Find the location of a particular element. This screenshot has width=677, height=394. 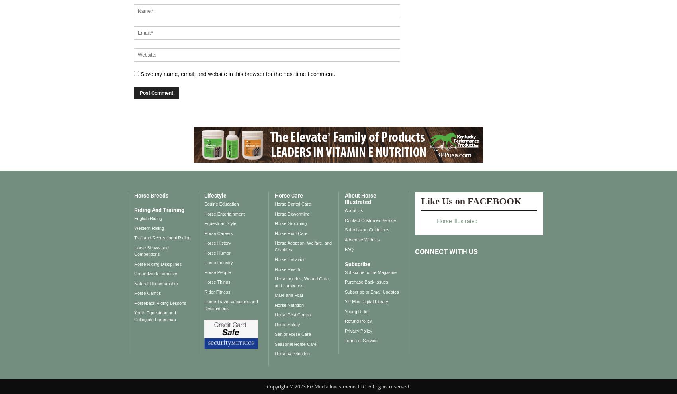

'Horse Health' is located at coordinates (287, 268).